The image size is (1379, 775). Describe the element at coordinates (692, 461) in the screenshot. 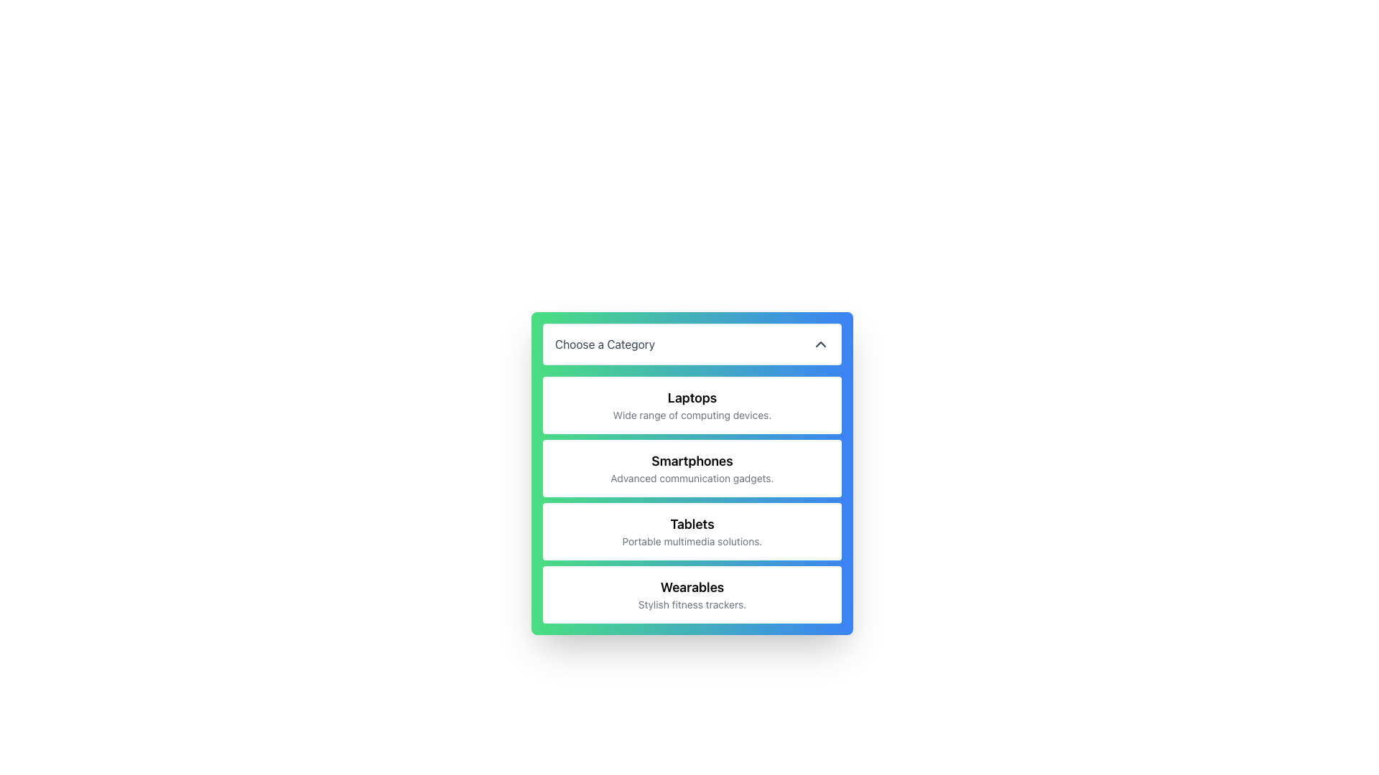

I see `the heading titled 'Smartphones' which serves as a category label in the interactive menu, positioned below the 'Laptops' tile and above the 'Tablets' tile` at that location.